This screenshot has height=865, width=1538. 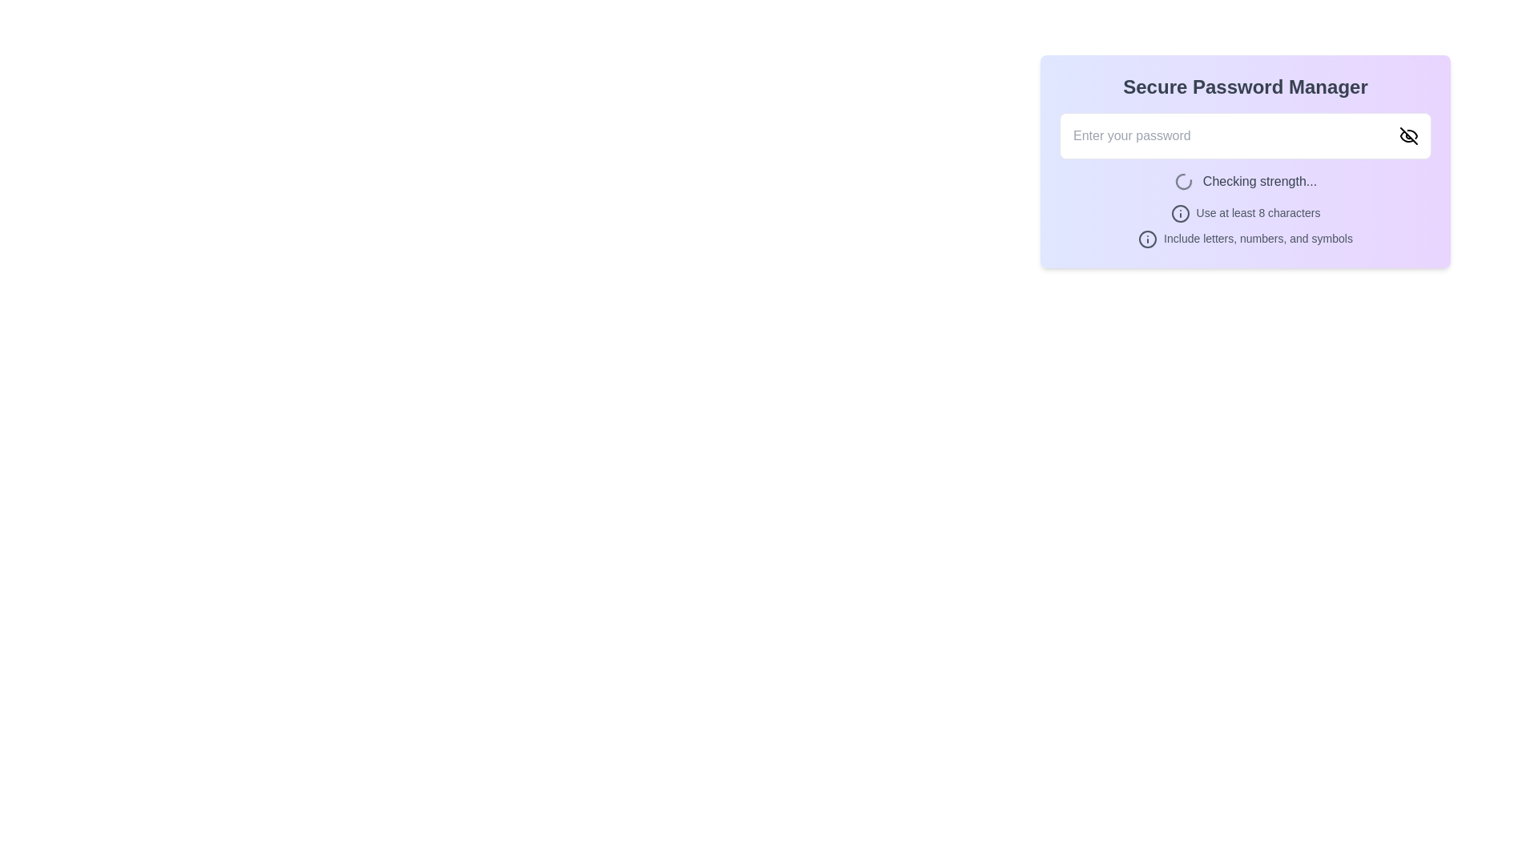 What do you see at coordinates (1183, 181) in the screenshot?
I see `the spinning loader SVG graphic, which is part of the password manager interface and is located next to the text 'Checking strength...'` at bounding box center [1183, 181].